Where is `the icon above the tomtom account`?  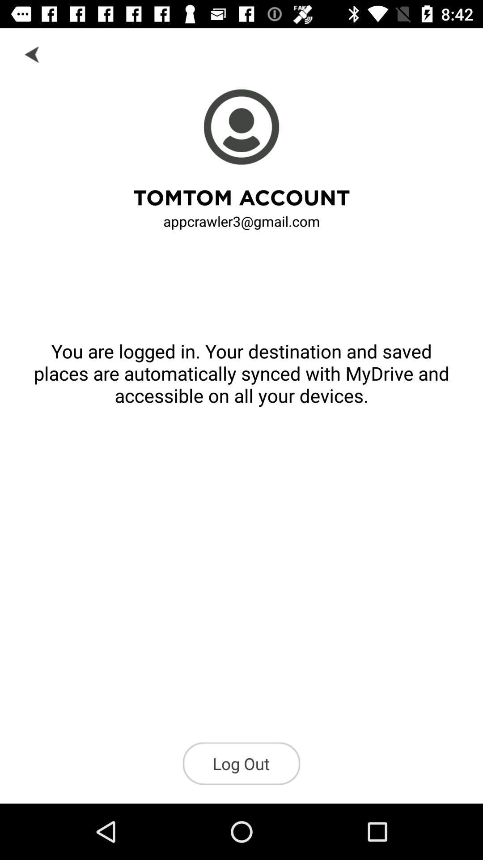
the icon above the tomtom account is located at coordinates (32, 53).